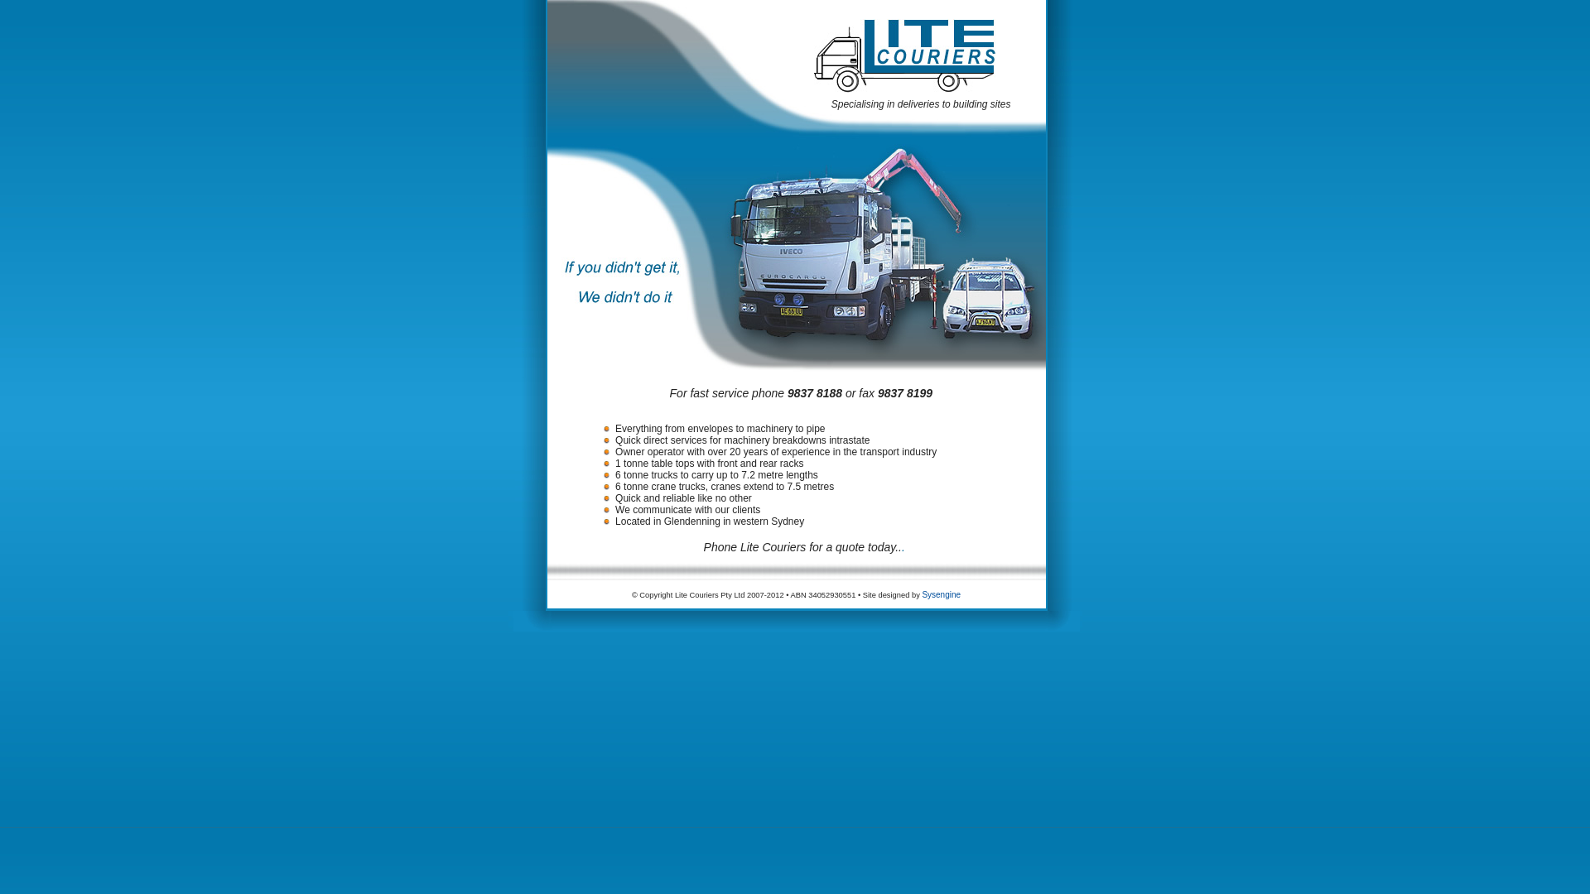  What do you see at coordinates (941, 593) in the screenshot?
I see `'Sysengine'` at bounding box center [941, 593].